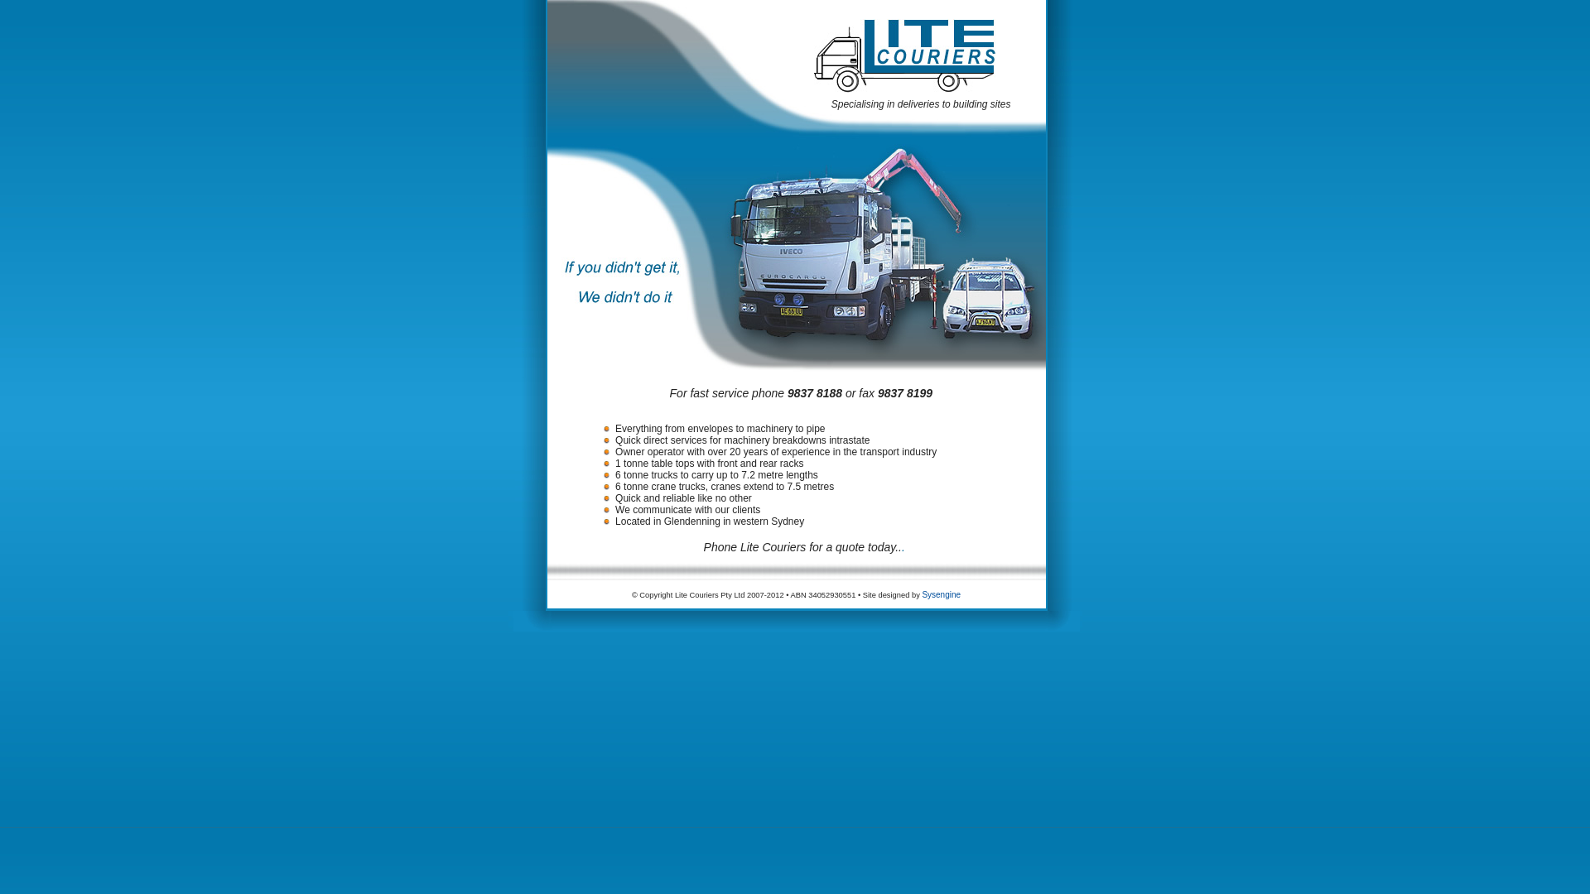  What do you see at coordinates (941, 593) in the screenshot?
I see `'Sysengine'` at bounding box center [941, 593].